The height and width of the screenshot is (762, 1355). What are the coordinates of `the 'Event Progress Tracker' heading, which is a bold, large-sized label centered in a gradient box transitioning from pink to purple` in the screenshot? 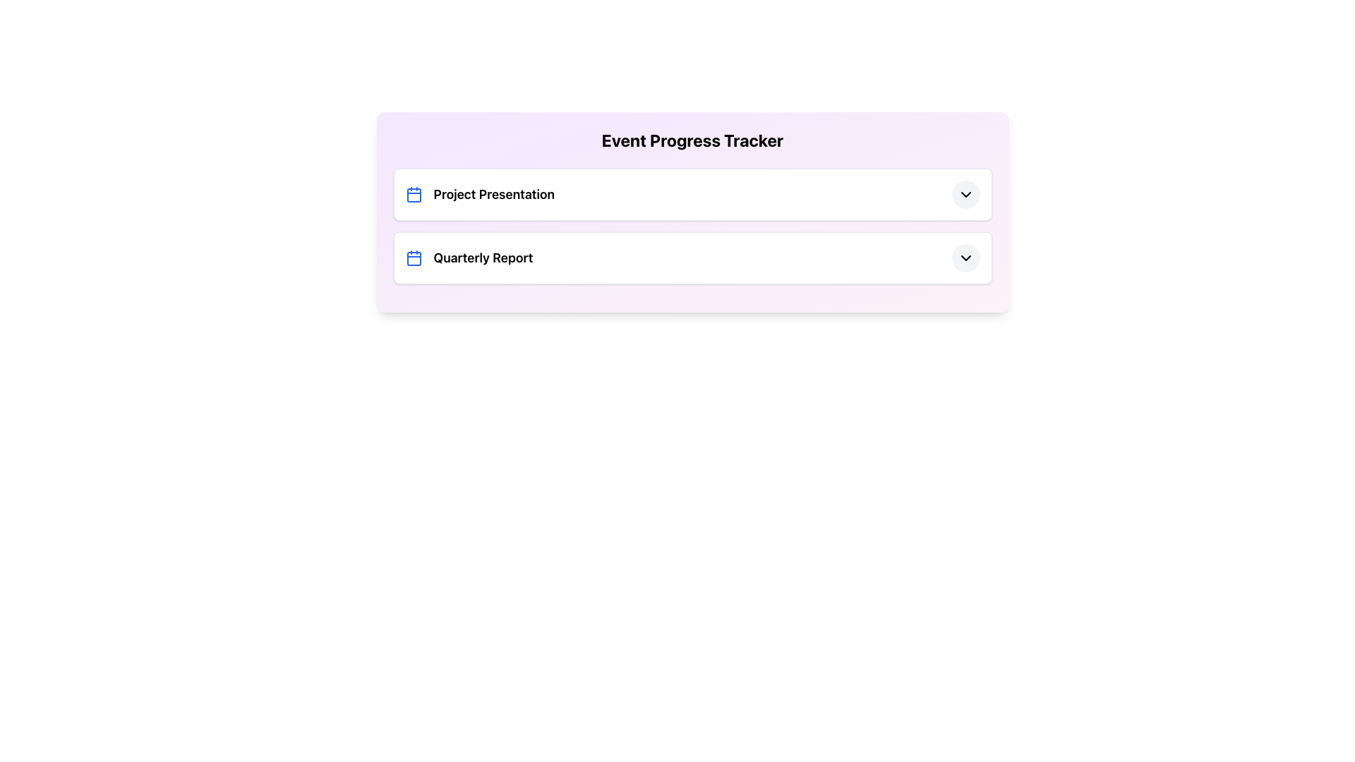 It's located at (692, 140).